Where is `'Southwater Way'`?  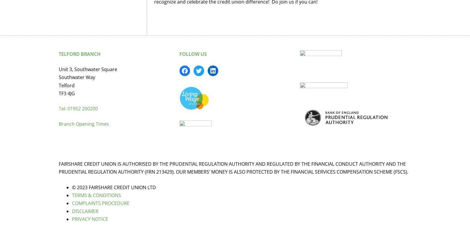 'Southwater Way' is located at coordinates (77, 77).